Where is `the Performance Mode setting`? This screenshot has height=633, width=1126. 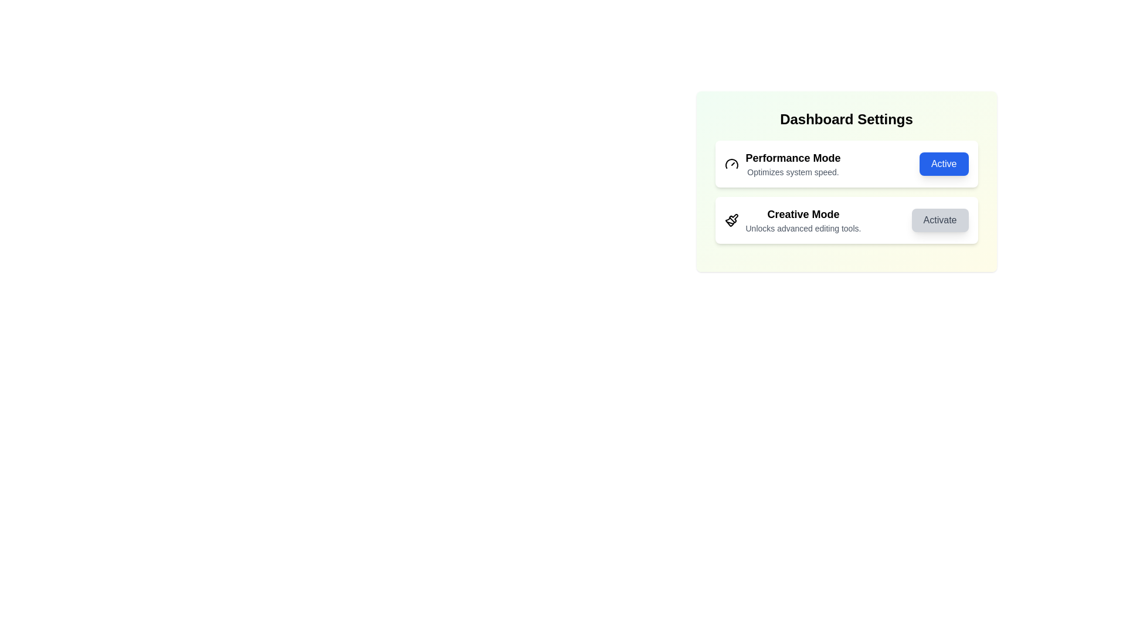
the Performance Mode setting is located at coordinates (846, 164).